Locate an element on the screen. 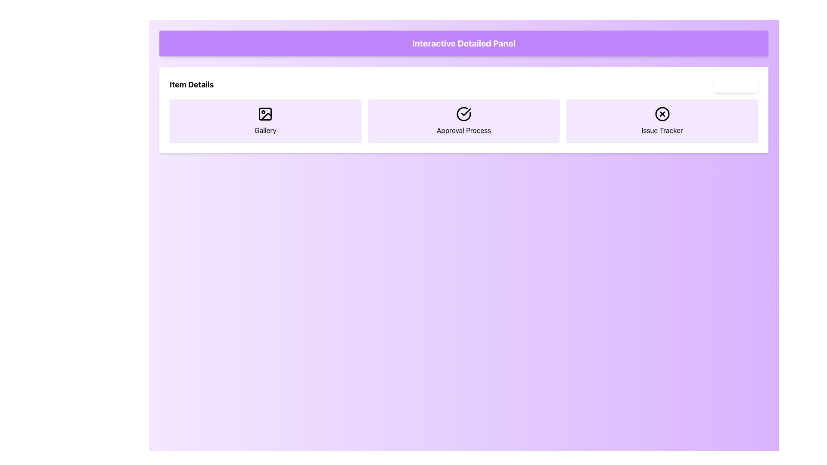  the 'Approval Process' text label located below the check mark icon within its rectangular card is located at coordinates (463, 130).